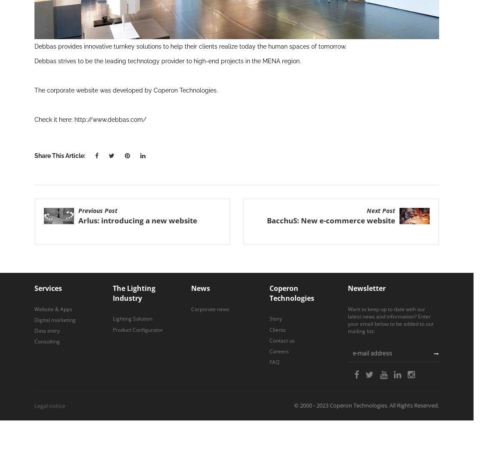 The height and width of the screenshot is (454, 480). Describe the element at coordinates (190, 45) in the screenshot. I see `'Debbas provides innovative turnkey solutions to help their clients realize today the human spaces of tomorrow.'` at that location.